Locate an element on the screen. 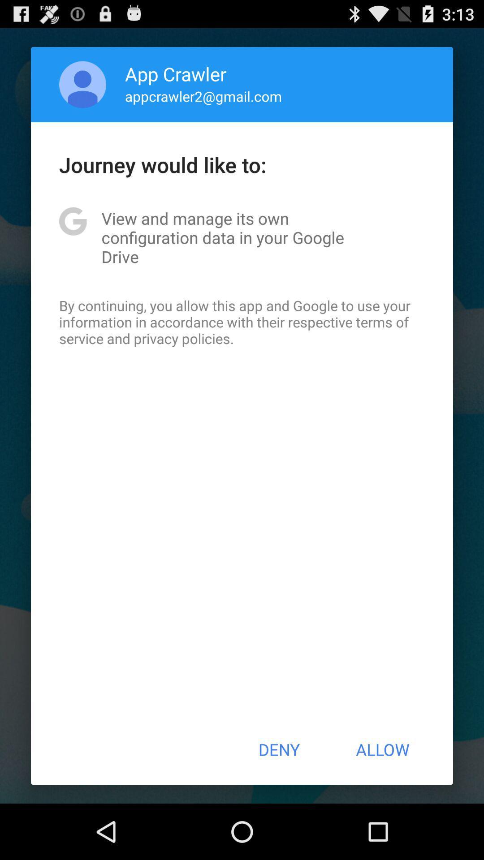 The height and width of the screenshot is (860, 484). the app below by continuing you item is located at coordinates (278, 749).